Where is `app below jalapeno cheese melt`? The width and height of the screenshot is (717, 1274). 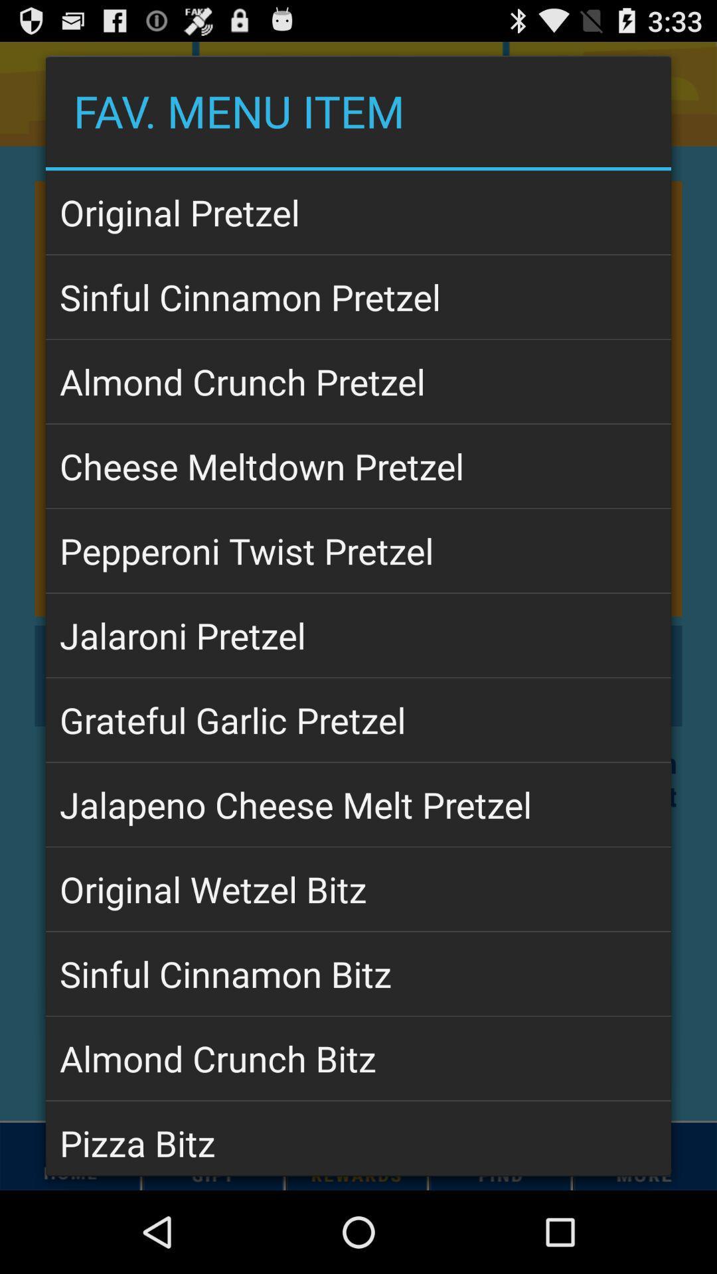 app below jalapeno cheese melt is located at coordinates (358, 889).